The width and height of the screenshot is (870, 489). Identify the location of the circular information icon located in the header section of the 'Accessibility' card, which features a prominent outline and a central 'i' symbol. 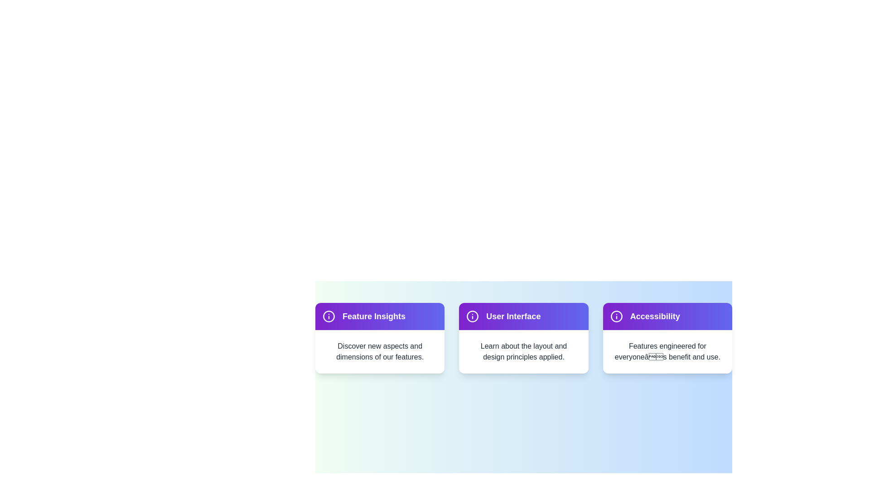
(616, 316).